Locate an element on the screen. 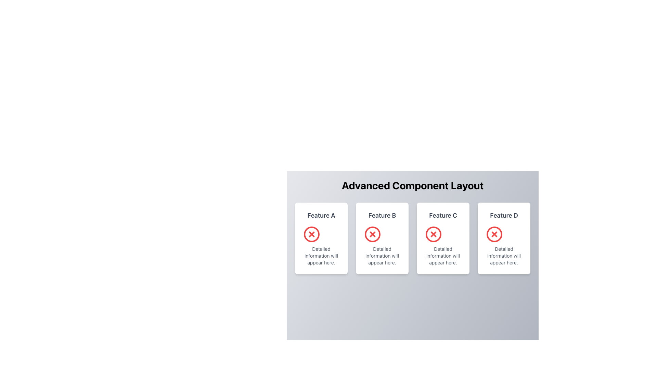 Image resolution: width=657 pixels, height=369 pixels. the circular icon with a red cross symbol located within the 'Feature D' card, positioned on the far right of the row is located at coordinates (494, 234).